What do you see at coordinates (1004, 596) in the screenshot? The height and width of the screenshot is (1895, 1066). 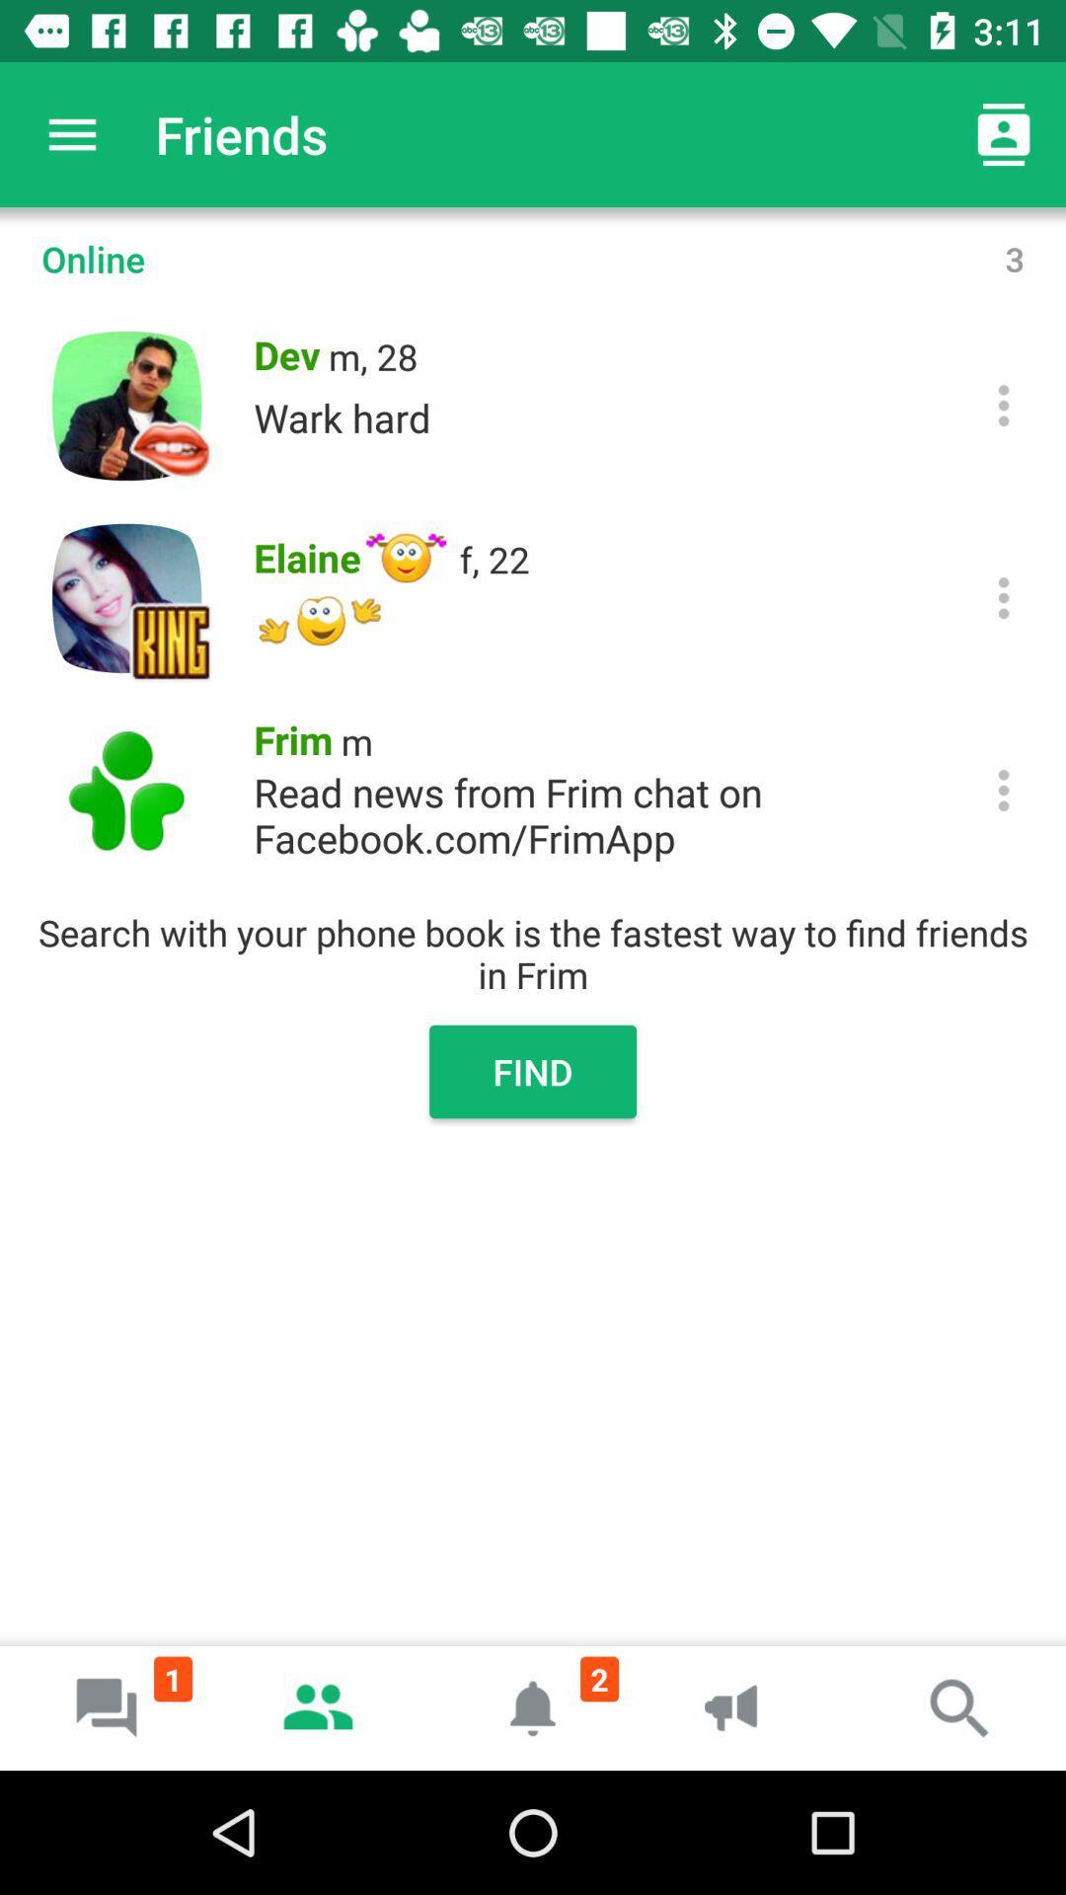 I see `more information gathering` at bounding box center [1004, 596].